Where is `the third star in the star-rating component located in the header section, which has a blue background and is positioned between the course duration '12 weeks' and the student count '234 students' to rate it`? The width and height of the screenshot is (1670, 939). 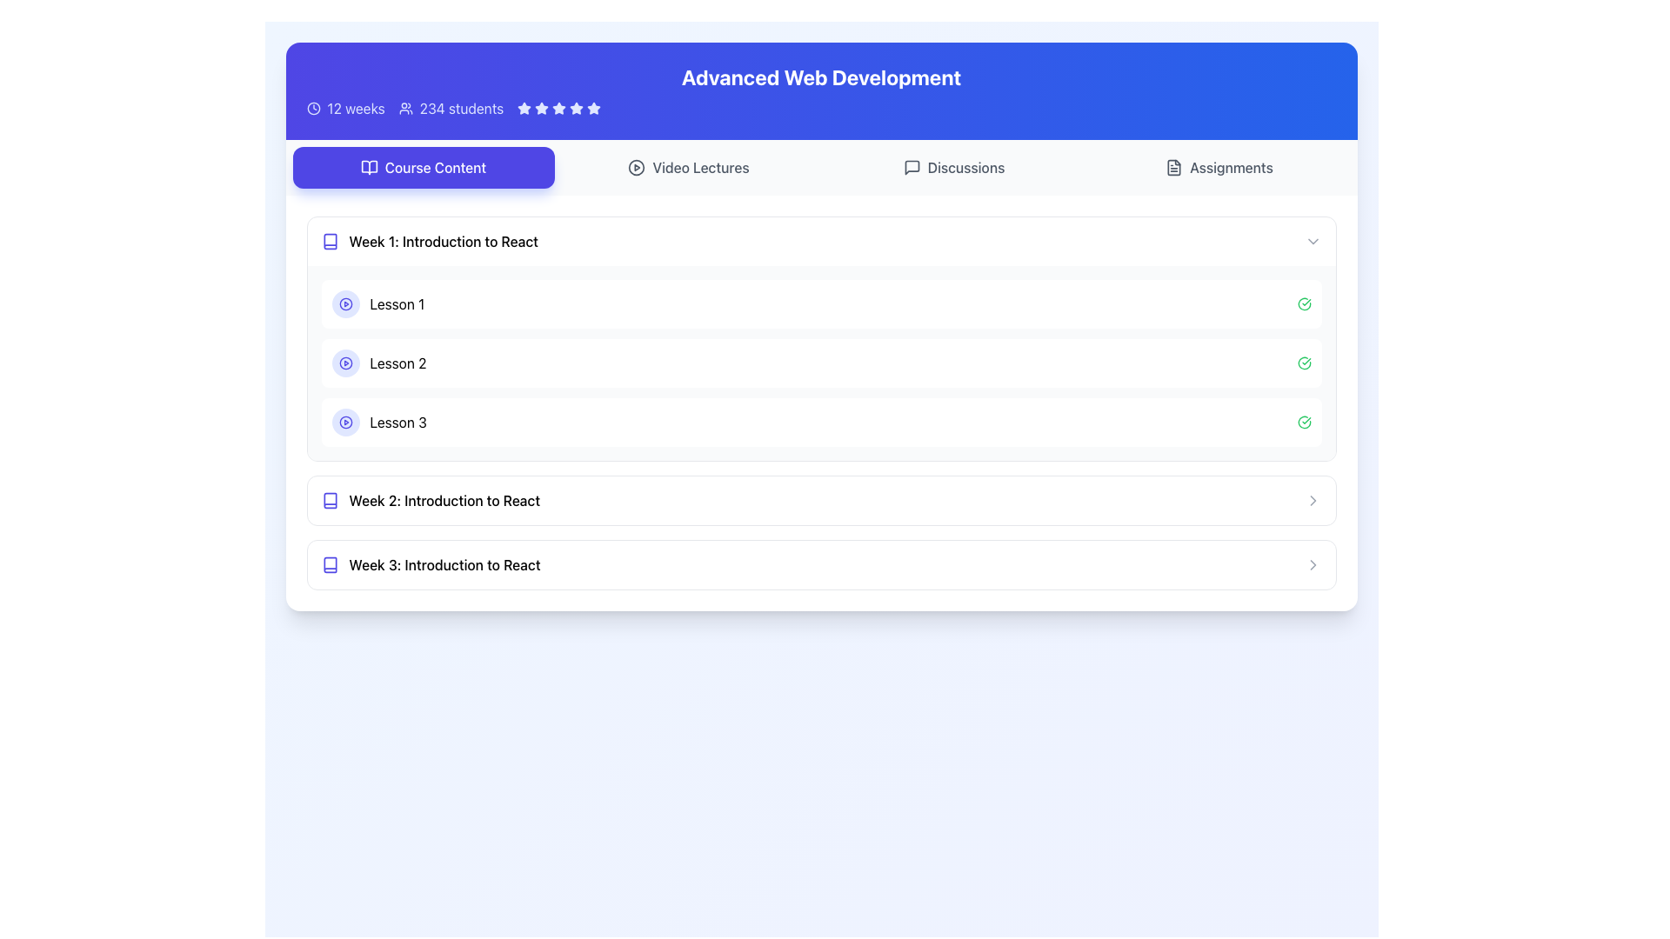
the third star in the star-rating component located in the header section, which has a blue background and is positioned between the course duration '12 weeks' and the student count '234 students' to rate it is located at coordinates (559, 108).